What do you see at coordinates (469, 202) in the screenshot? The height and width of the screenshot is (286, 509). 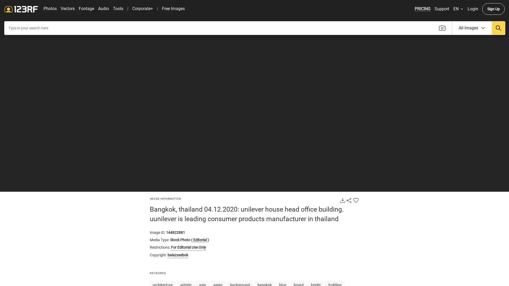 I see `Download button icon Download` at bounding box center [469, 202].